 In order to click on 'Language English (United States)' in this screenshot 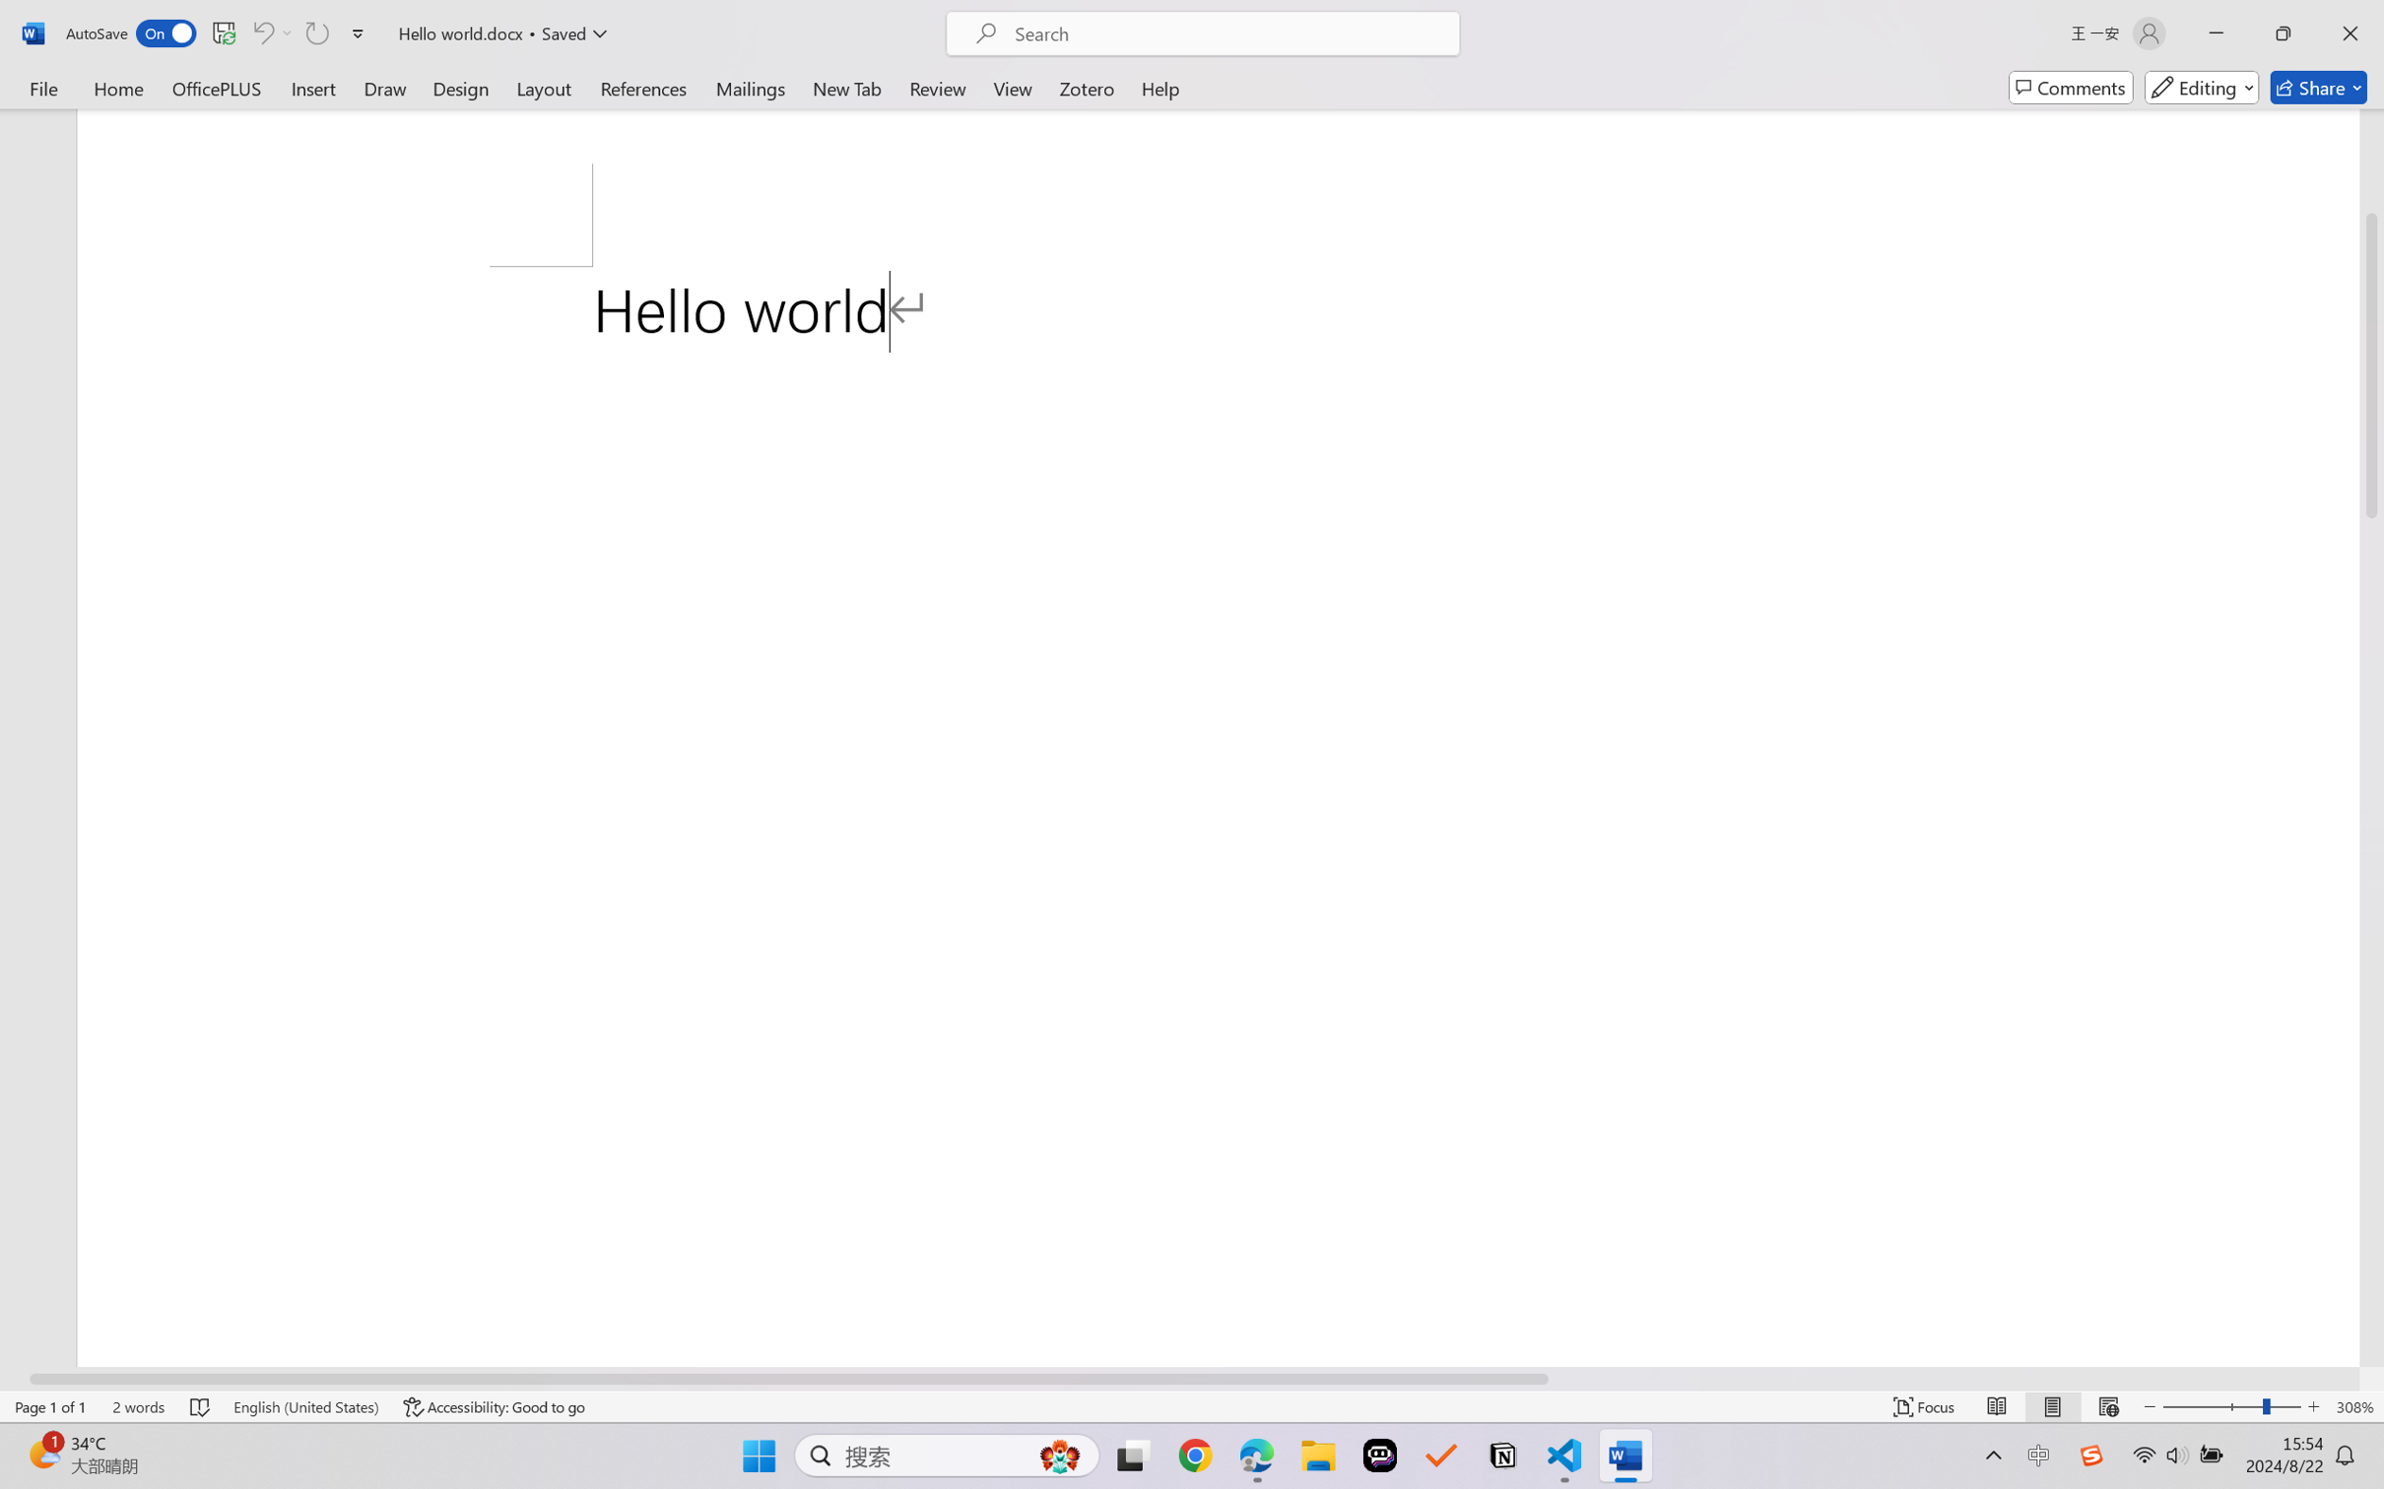, I will do `click(305, 1406)`.